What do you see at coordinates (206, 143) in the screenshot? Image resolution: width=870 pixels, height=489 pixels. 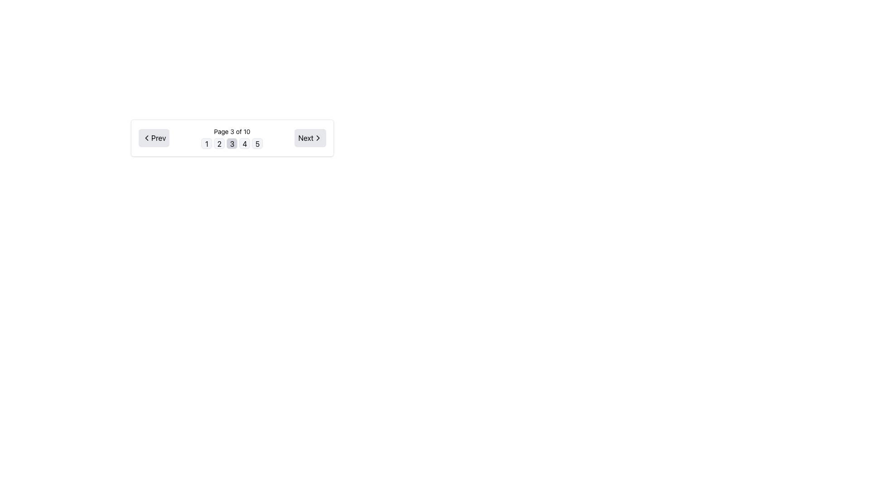 I see `the pagination indicator button labeled '1', which is the first button in the grid of pagination controls` at bounding box center [206, 143].